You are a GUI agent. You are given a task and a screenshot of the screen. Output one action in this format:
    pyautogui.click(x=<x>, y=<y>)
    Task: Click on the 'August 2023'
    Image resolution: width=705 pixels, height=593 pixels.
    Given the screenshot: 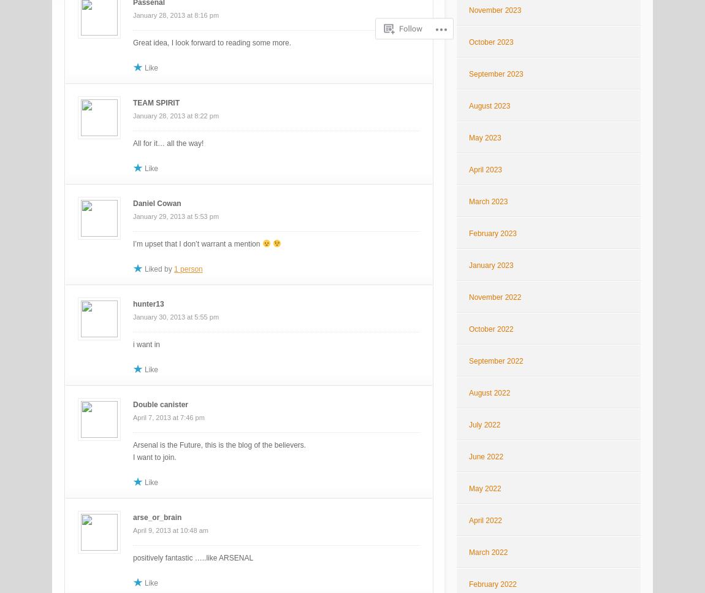 What is the action you would take?
    pyautogui.click(x=489, y=105)
    